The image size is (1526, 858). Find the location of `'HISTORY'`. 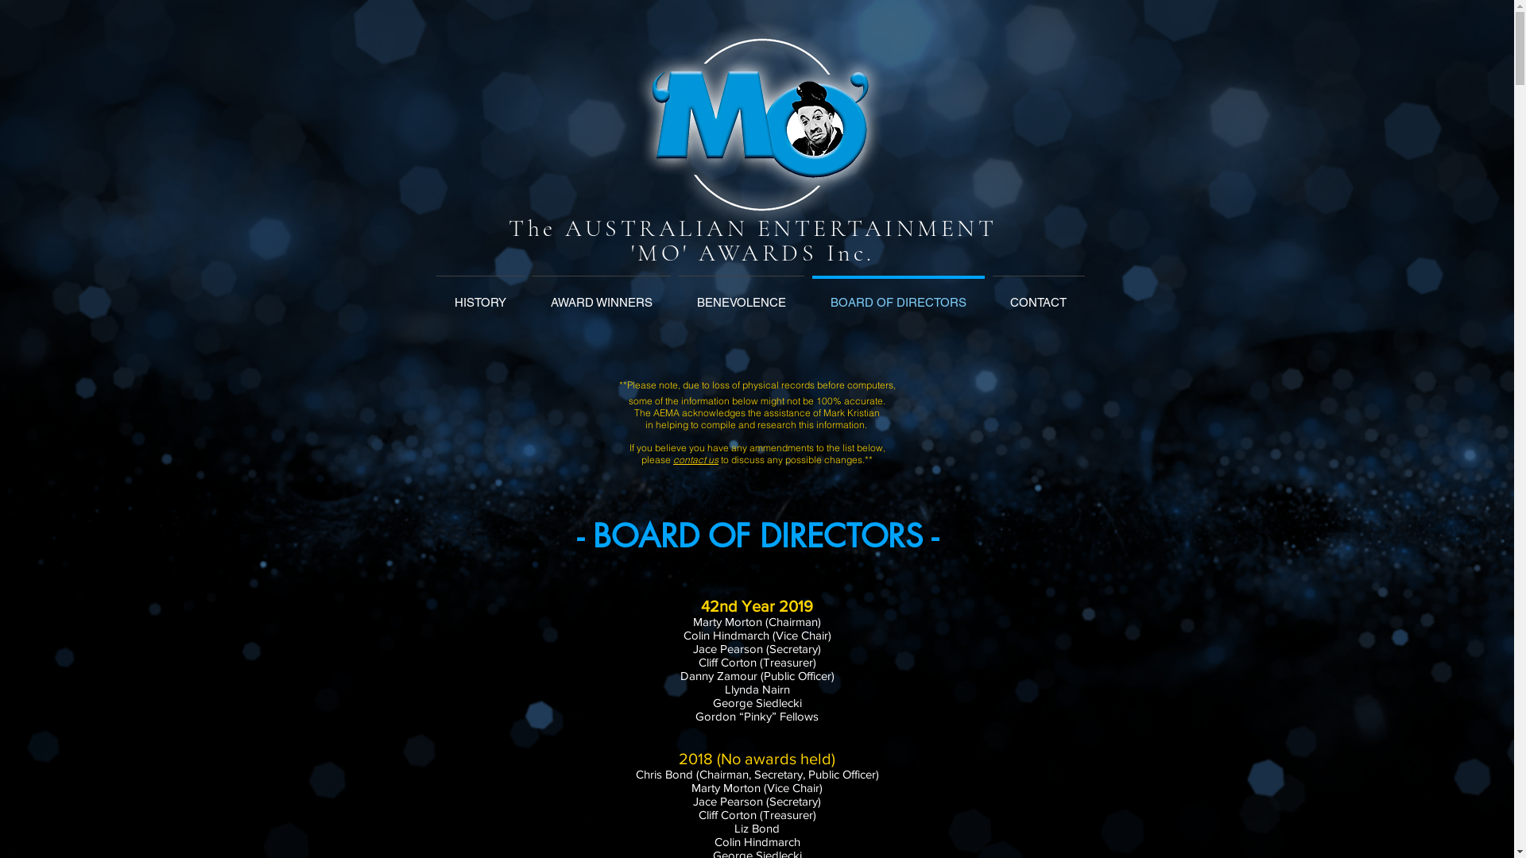

'HISTORY' is located at coordinates (479, 295).